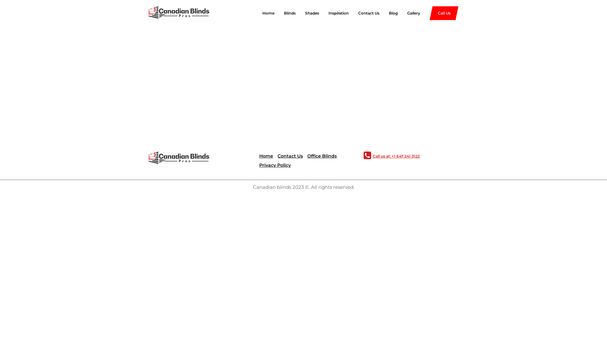  Describe the element at coordinates (290, 156) in the screenshot. I see `'Contact Us'` at that location.